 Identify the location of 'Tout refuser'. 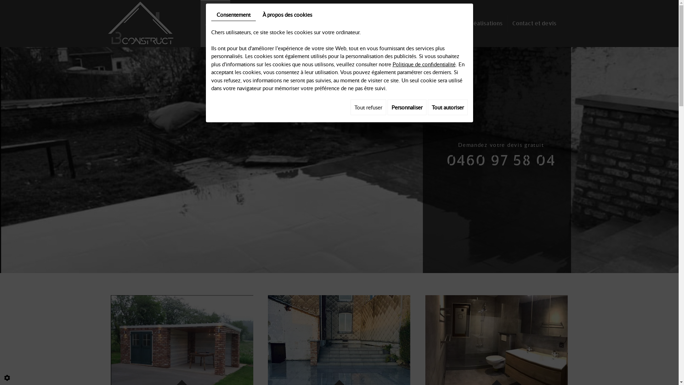
(368, 107).